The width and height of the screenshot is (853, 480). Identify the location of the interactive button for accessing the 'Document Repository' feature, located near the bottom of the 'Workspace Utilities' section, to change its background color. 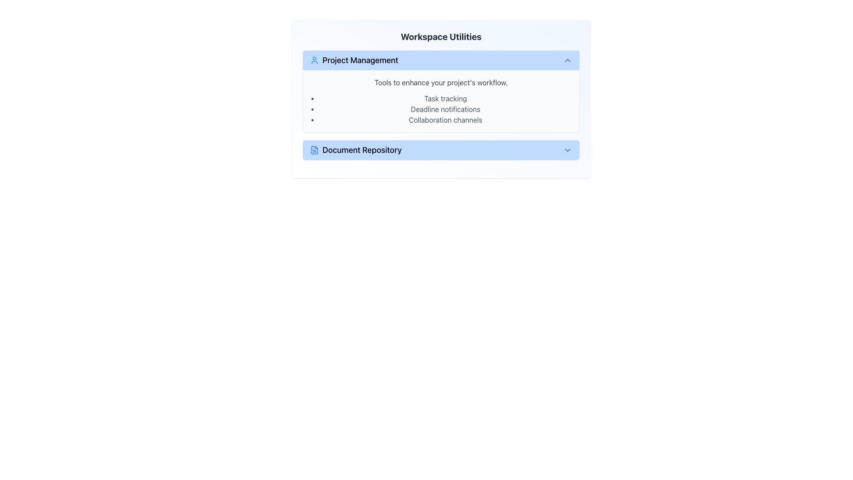
(441, 150).